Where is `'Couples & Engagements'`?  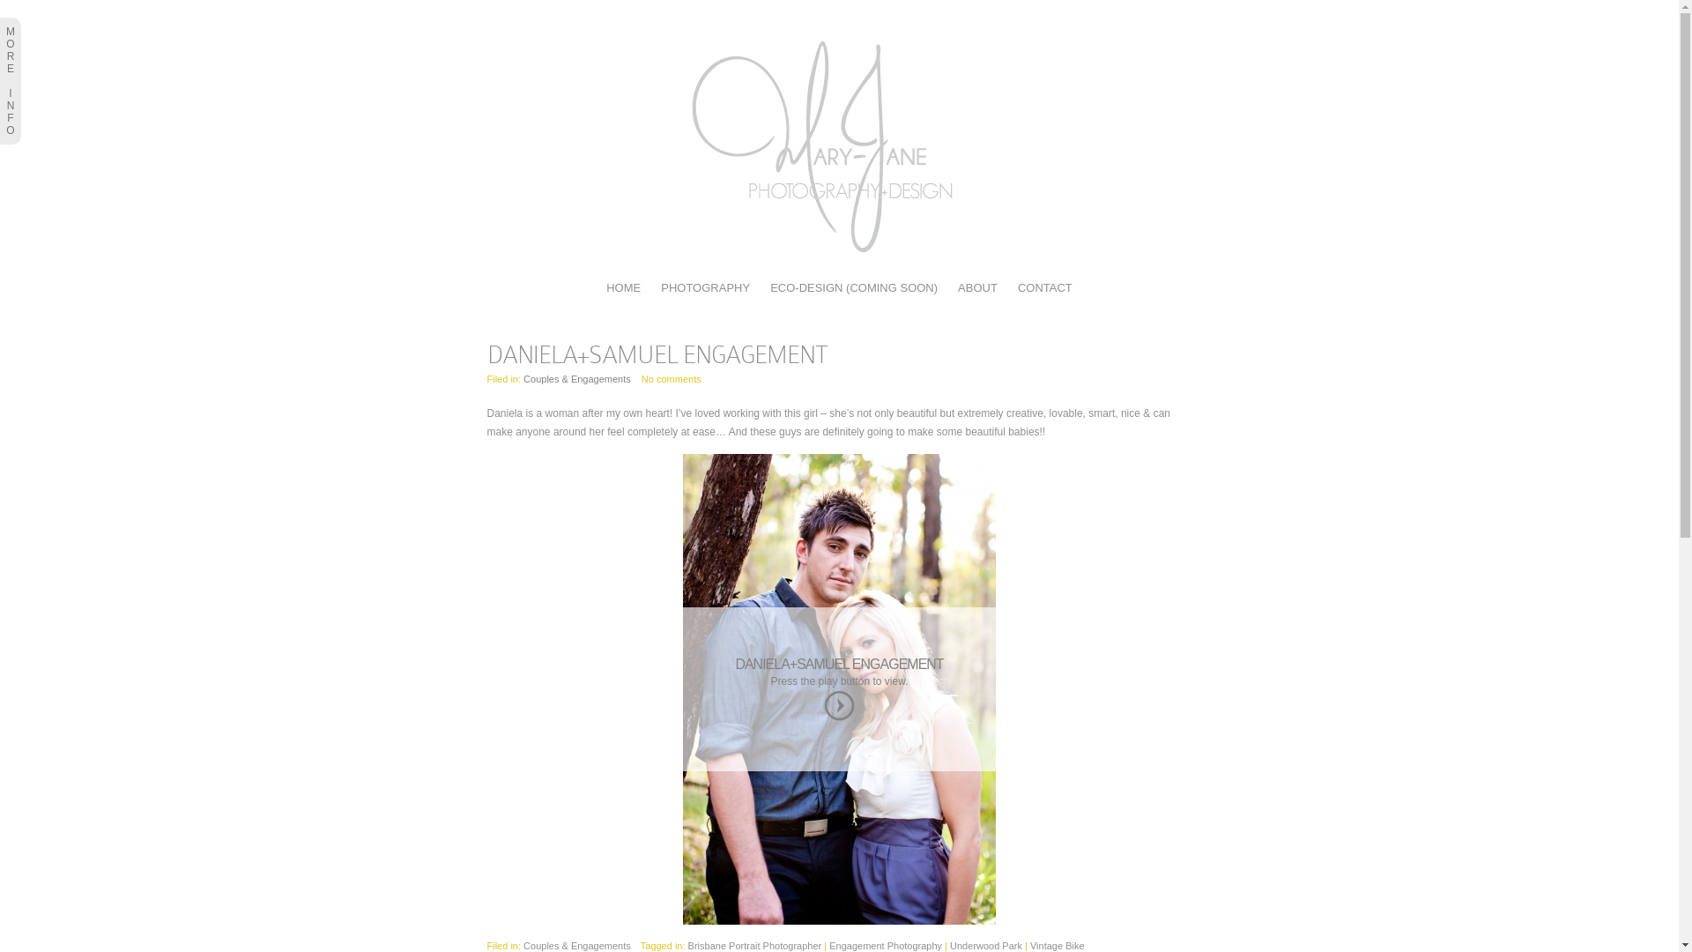
'Couples & Engagements' is located at coordinates (576, 944).